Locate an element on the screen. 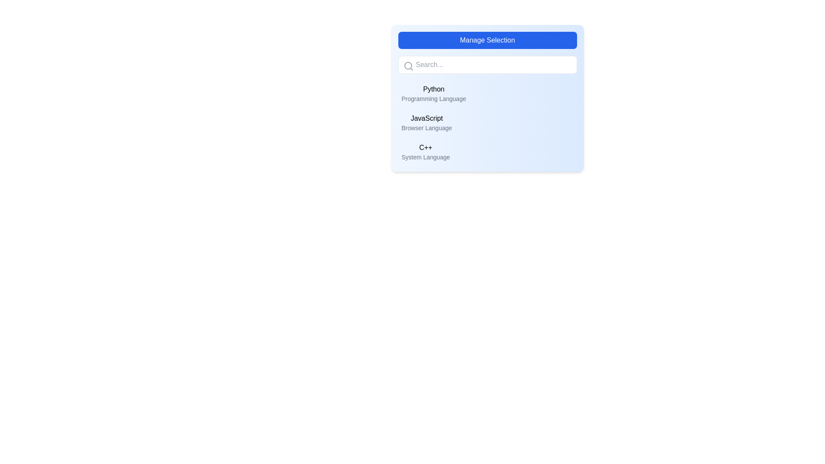 The height and width of the screenshot is (464, 825). the 'C++' selectable list item at the bottom of the list is located at coordinates (487, 152).